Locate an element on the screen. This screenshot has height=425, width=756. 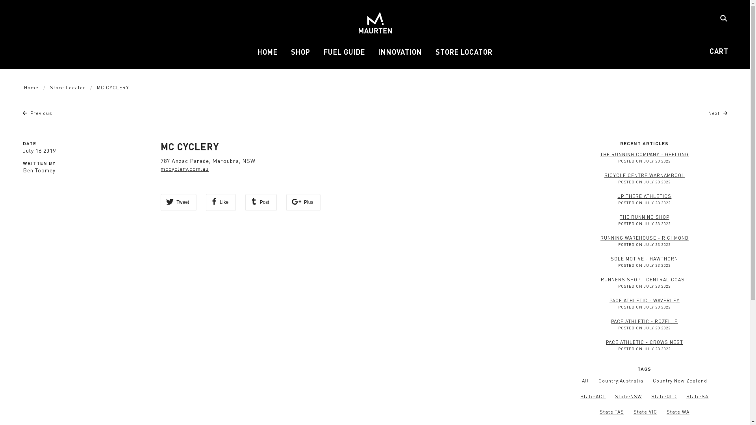
'PACE ATHLETIC - ROZELLE' is located at coordinates (644, 321).